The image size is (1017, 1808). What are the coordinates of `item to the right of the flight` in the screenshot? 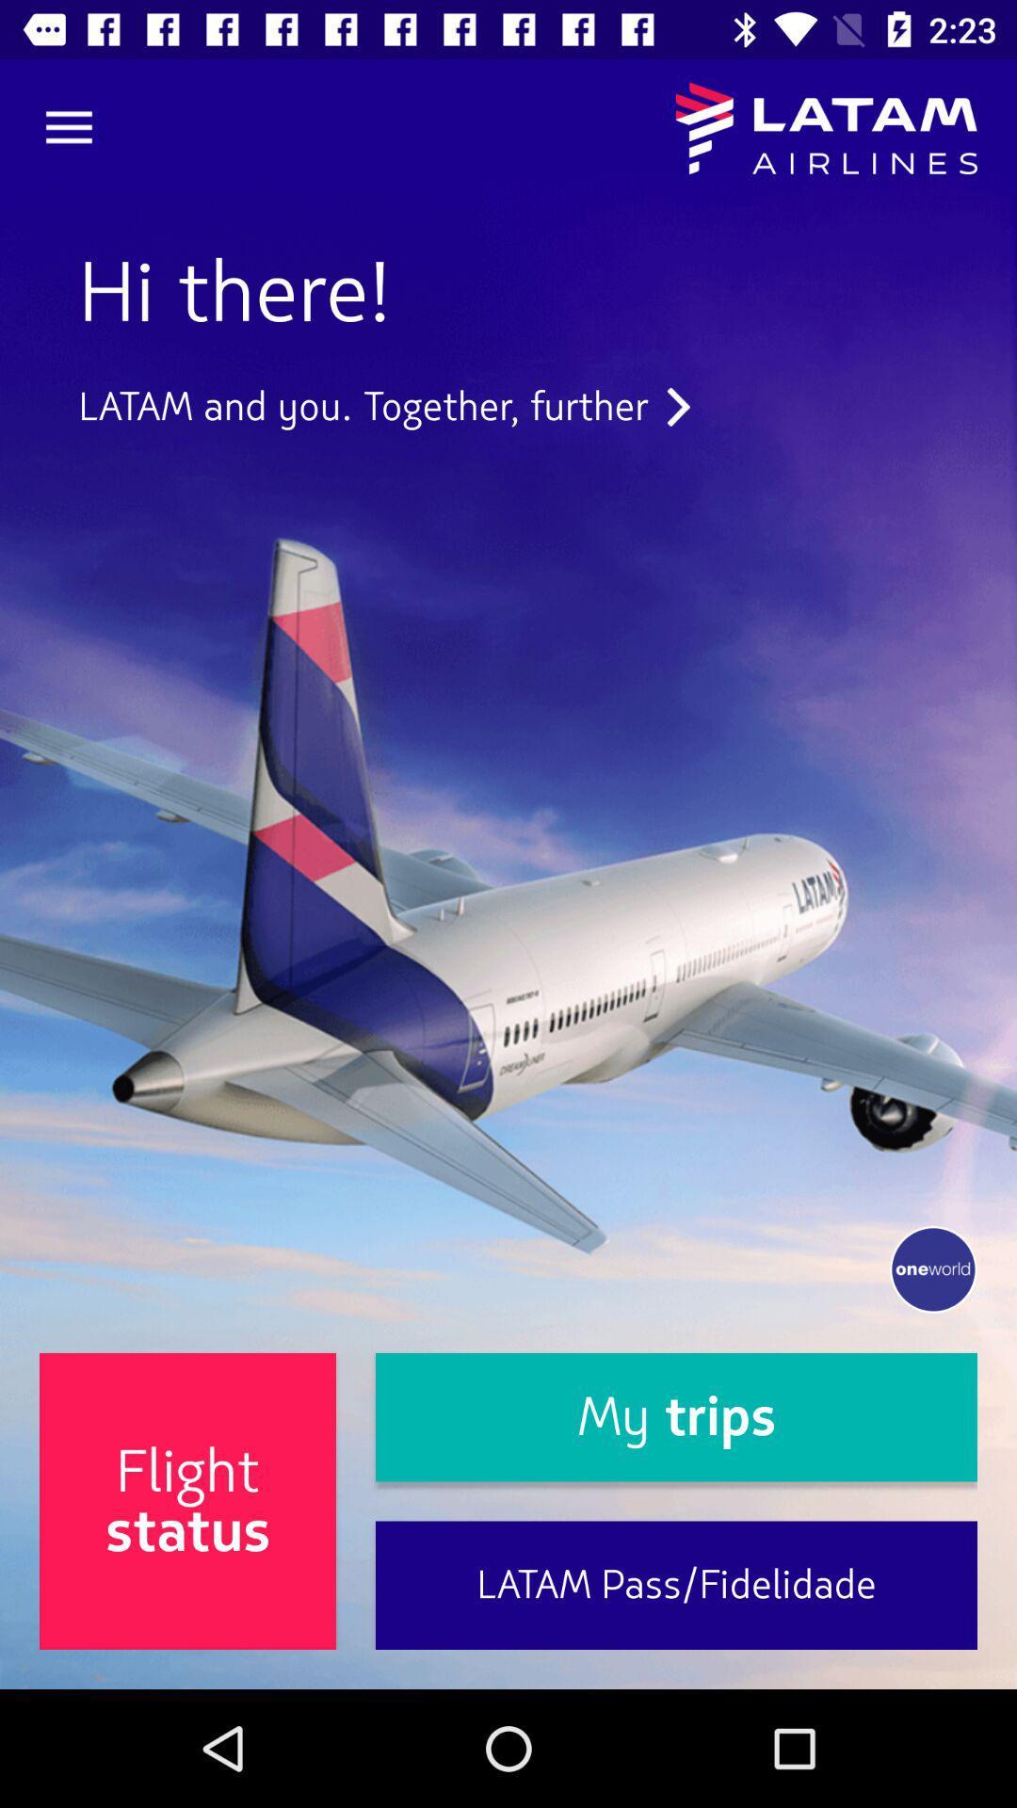 It's located at (675, 1417).